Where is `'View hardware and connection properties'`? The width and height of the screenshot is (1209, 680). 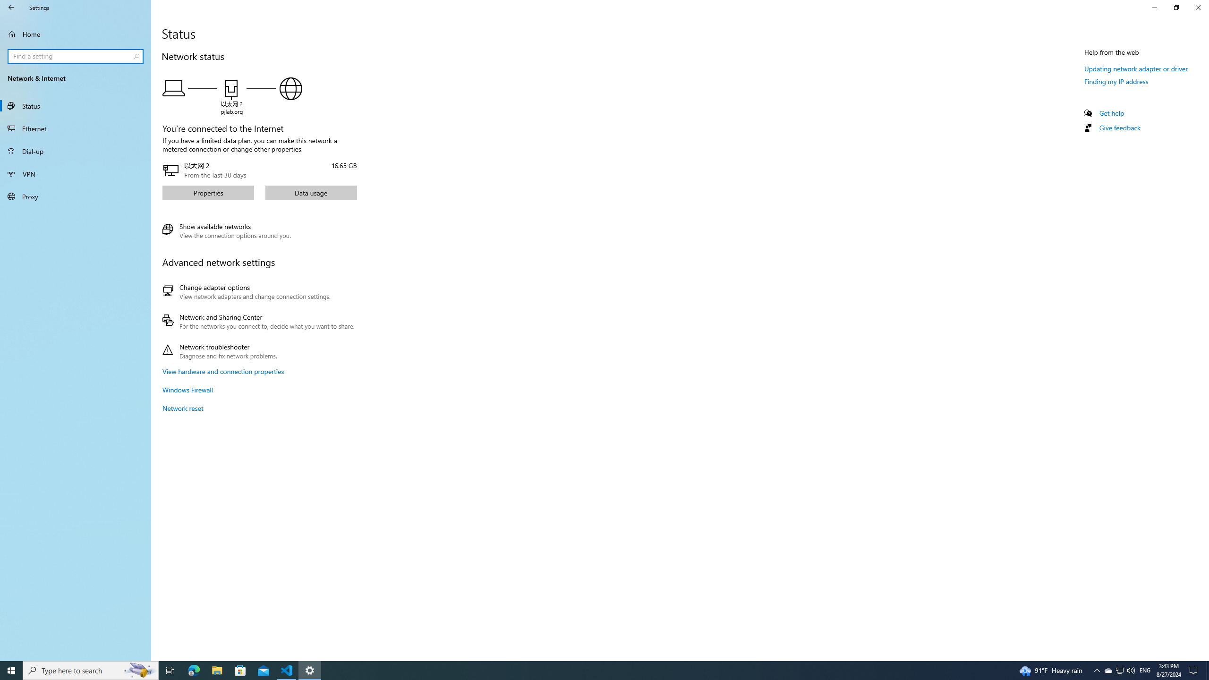
'View hardware and connection properties' is located at coordinates (223, 371).